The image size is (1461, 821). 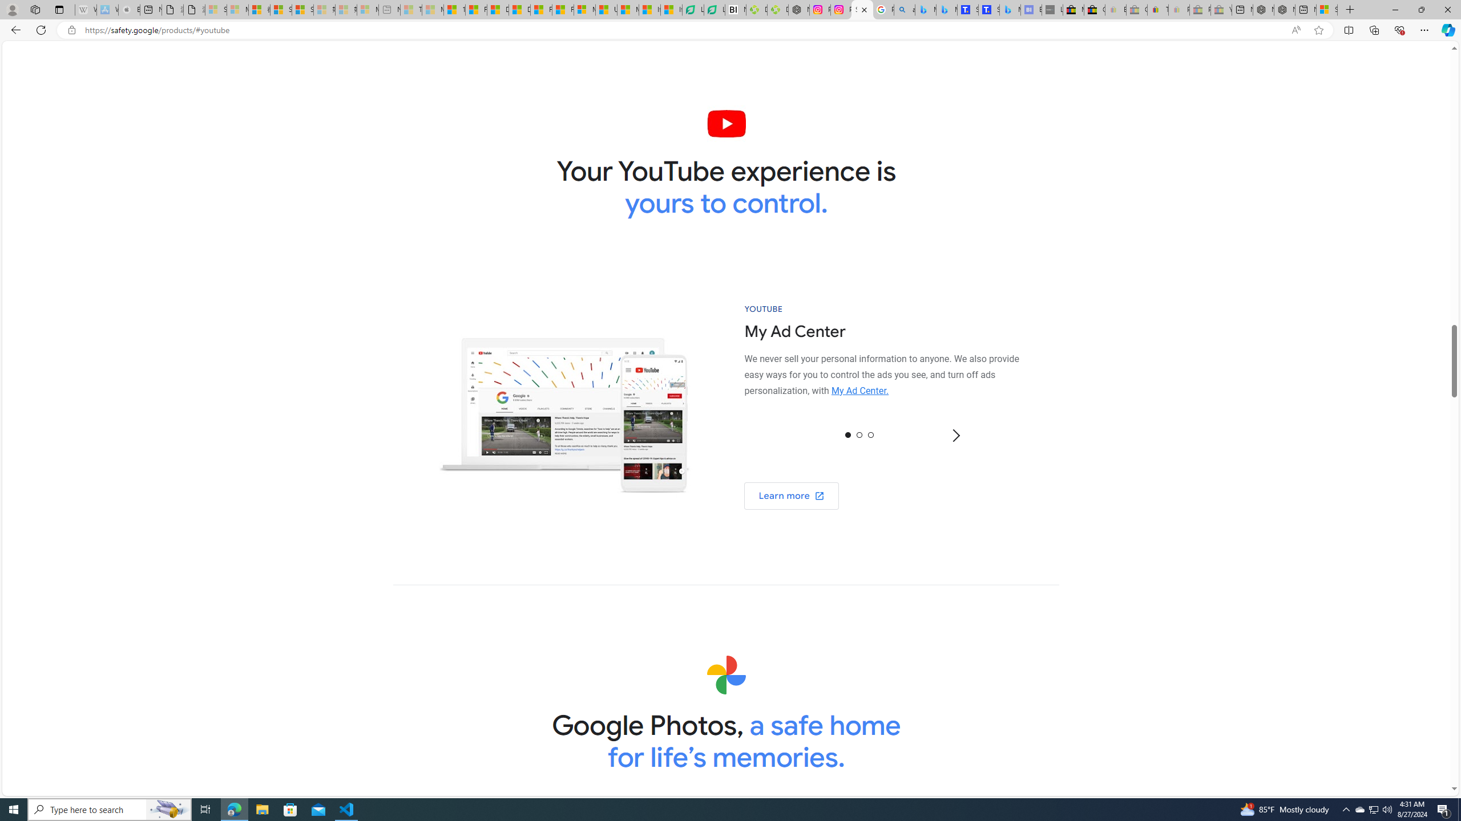 What do you see at coordinates (1200, 9) in the screenshot?
I see `'Press Room - eBay Inc. - Sleeping'` at bounding box center [1200, 9].